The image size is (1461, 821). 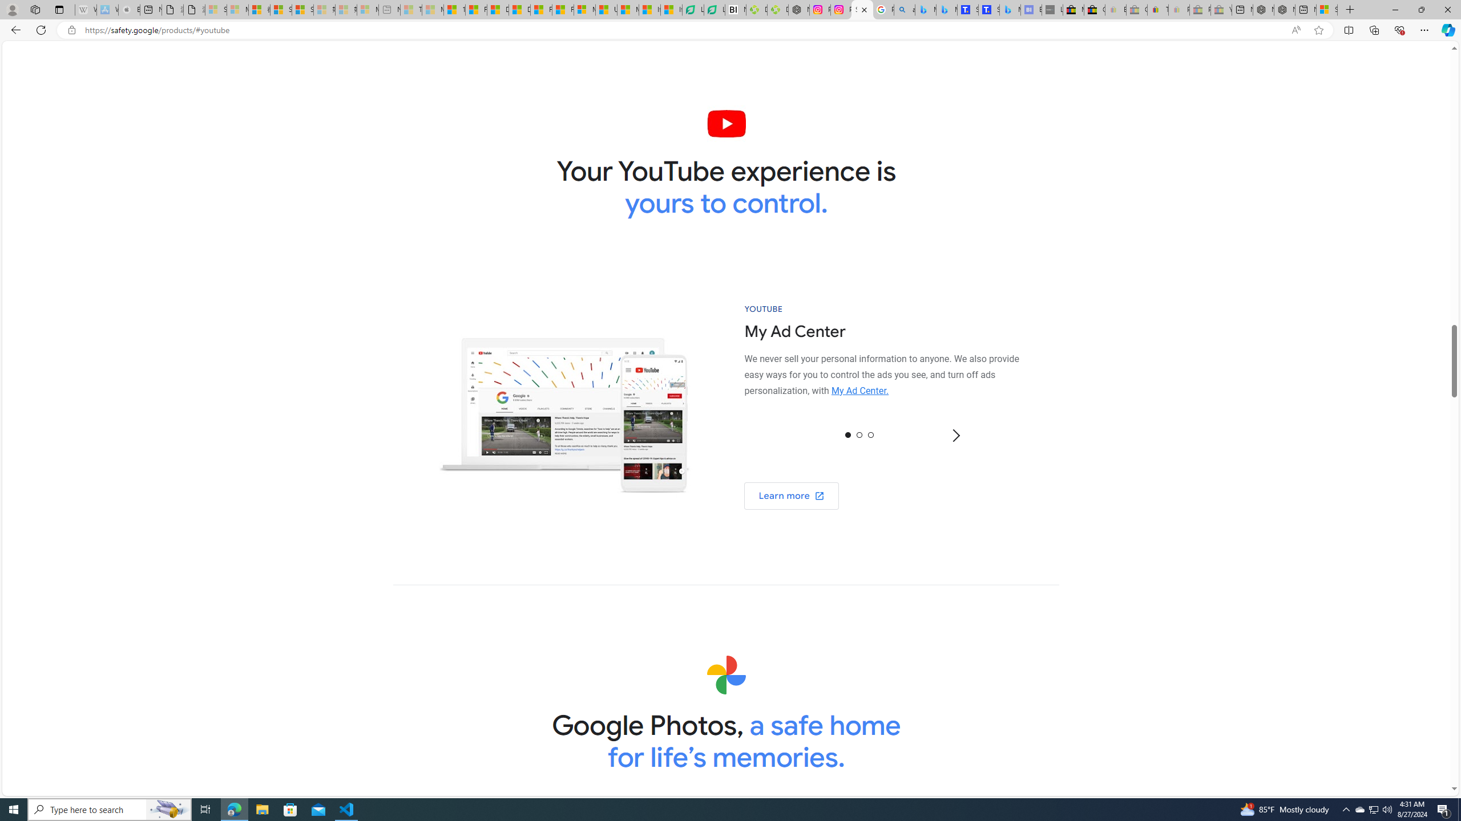 What do you see at coordinates (1200, 9) in the screenshot?
I see `'Press Room - eBay Inc. - Sleeping'` at bounding box center [1200, 9].